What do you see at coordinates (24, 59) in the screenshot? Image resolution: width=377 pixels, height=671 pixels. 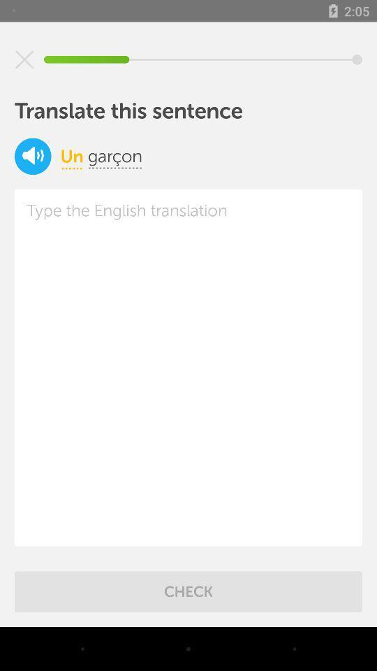 I see `the screen` at bounding box center [24, 59].